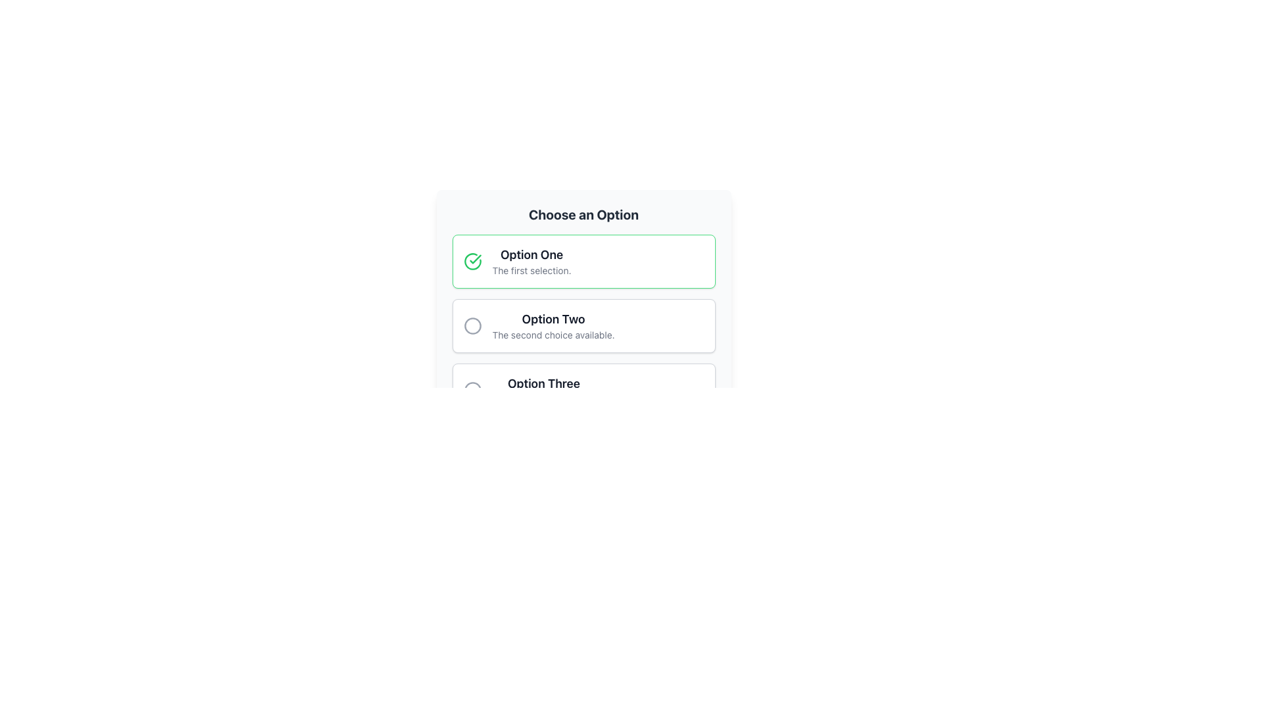 This screenshot has height=710, width=1263. I want to click on the text content of the label that serves as the title for the first selectable option under the header 'Choose an Option', so click(532, 255).